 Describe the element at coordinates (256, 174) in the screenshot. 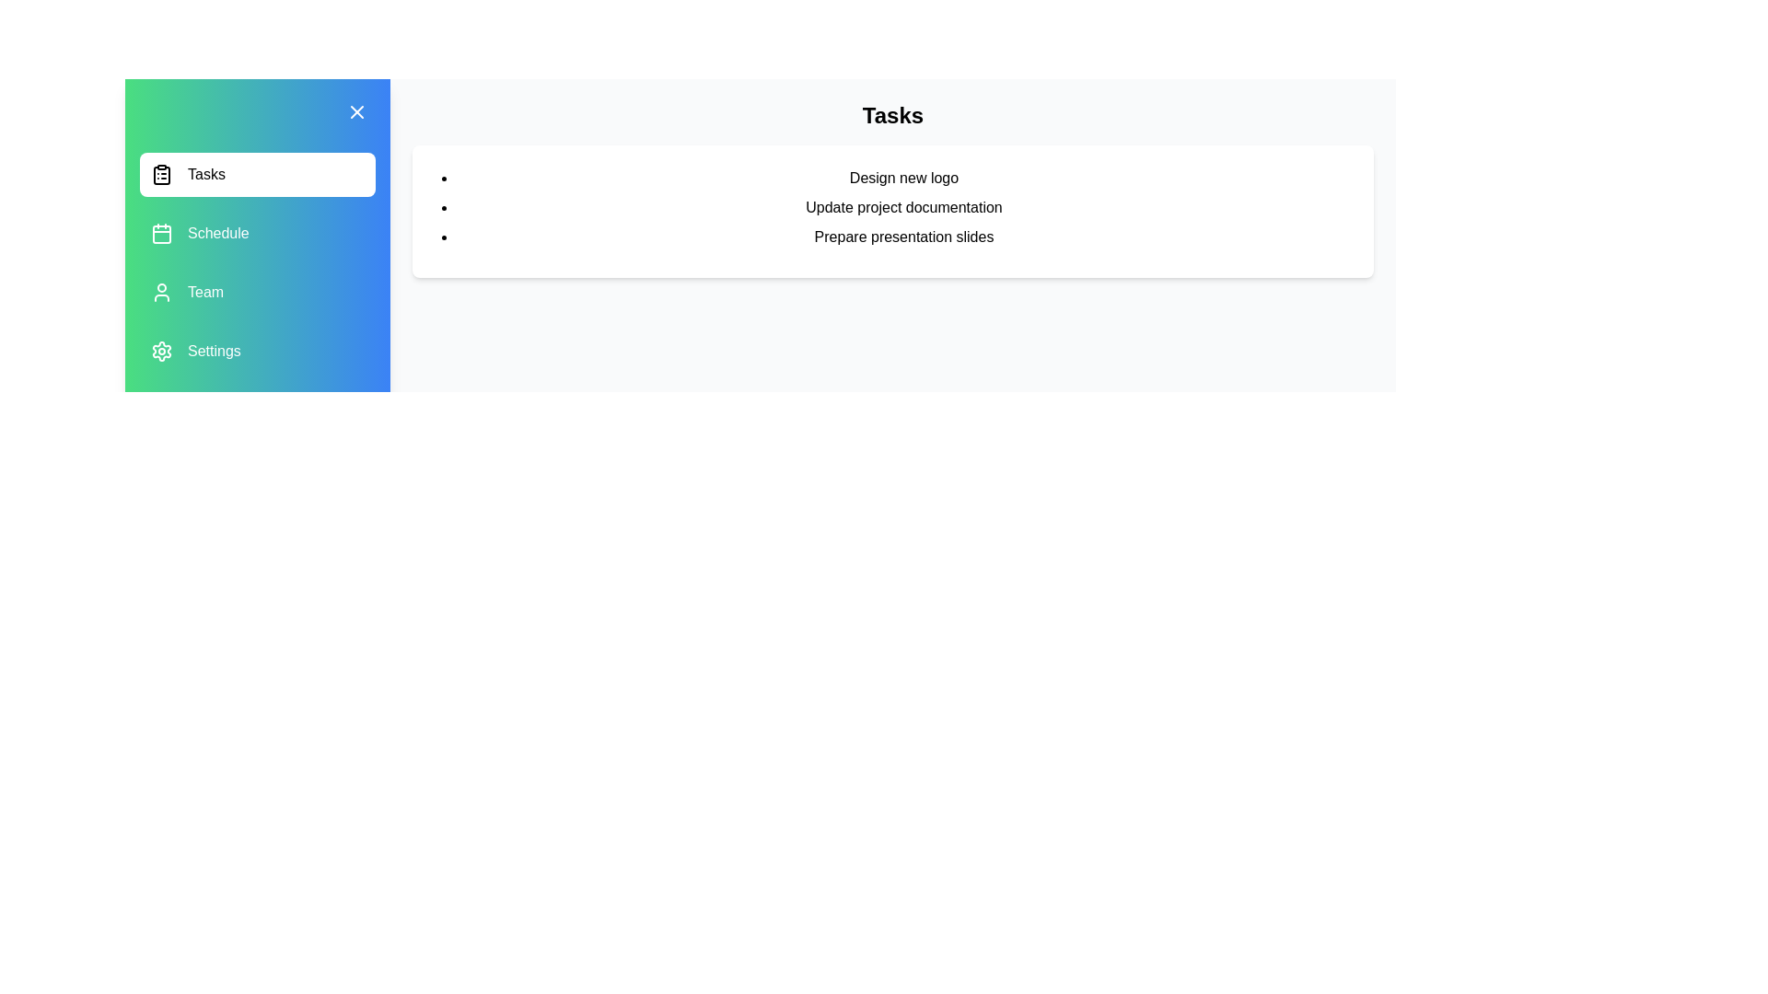

I see `the menu item Tasks to observe the hover effect` at that location.